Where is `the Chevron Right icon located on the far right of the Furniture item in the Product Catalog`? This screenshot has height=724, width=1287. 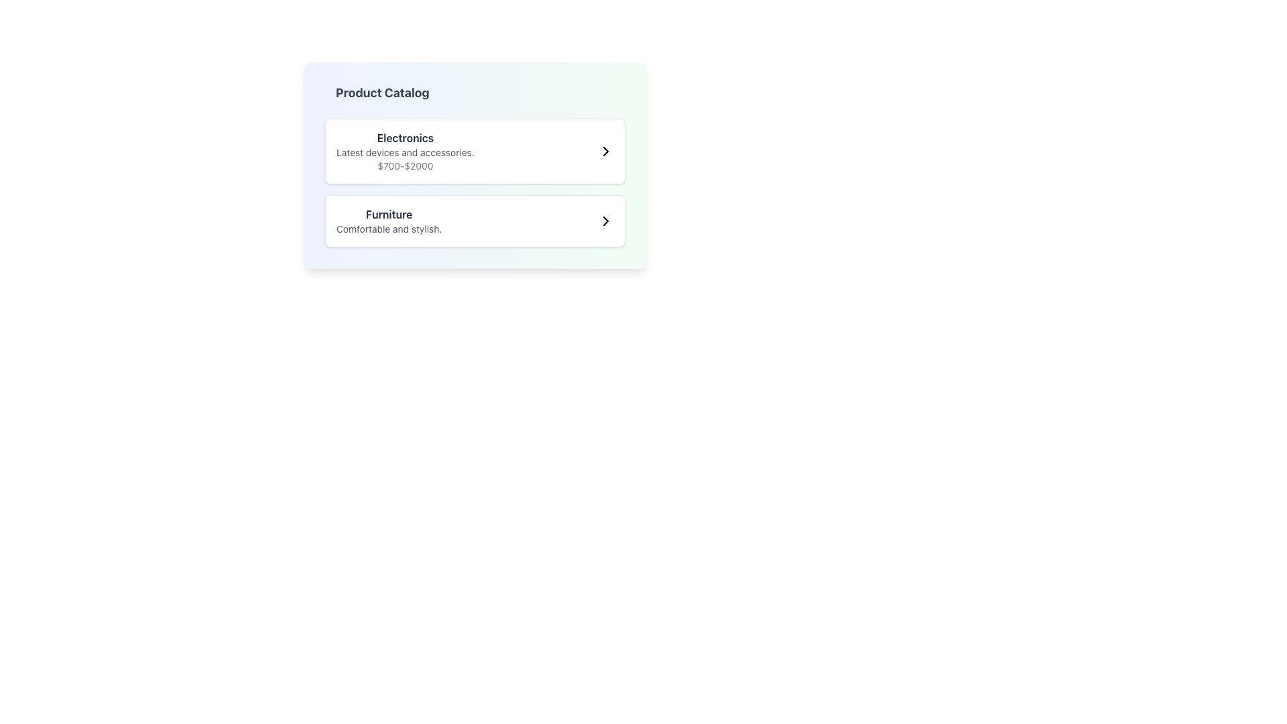
the Chevron Right icon located on the far right of the Furniture item in the Product Catalog is located at coordinates (605, 221).